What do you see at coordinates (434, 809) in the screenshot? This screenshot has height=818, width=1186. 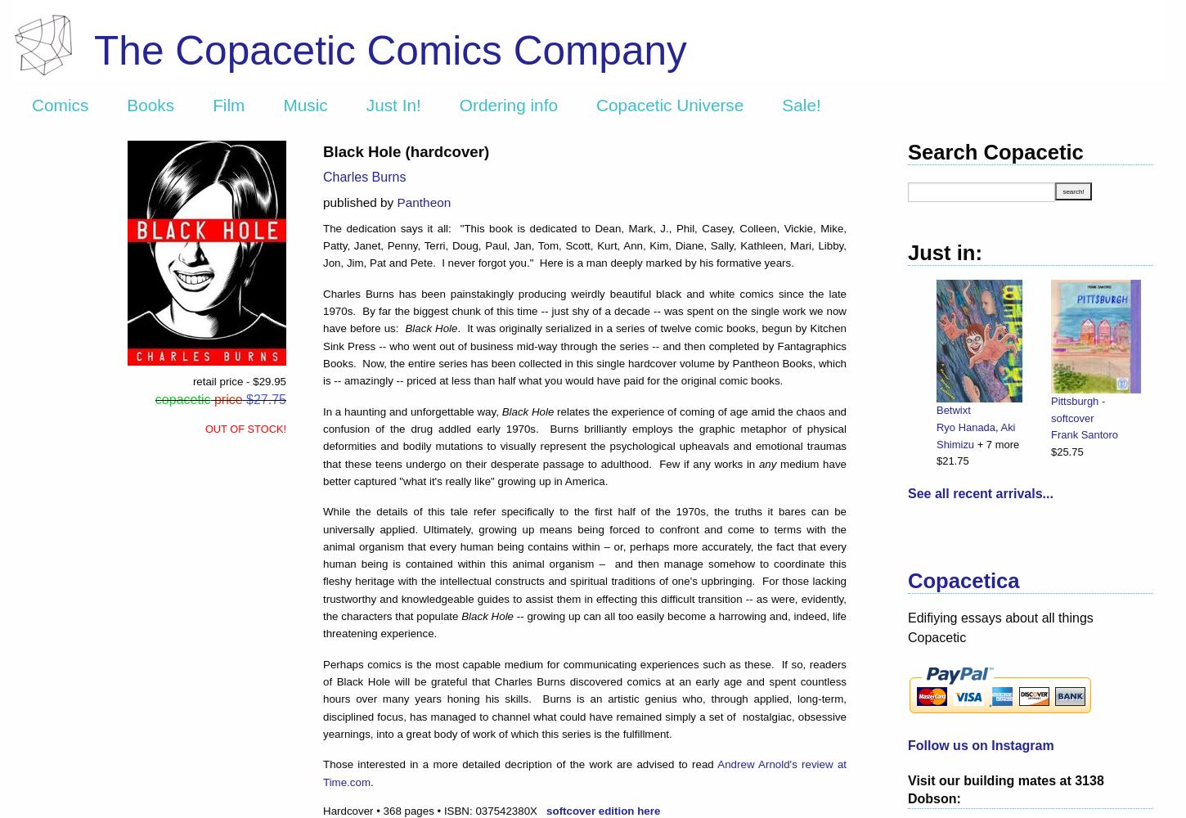 I see `'Hardcover • 368 pages • ISBN: 037542380X'` at bounding box center [434, 809].